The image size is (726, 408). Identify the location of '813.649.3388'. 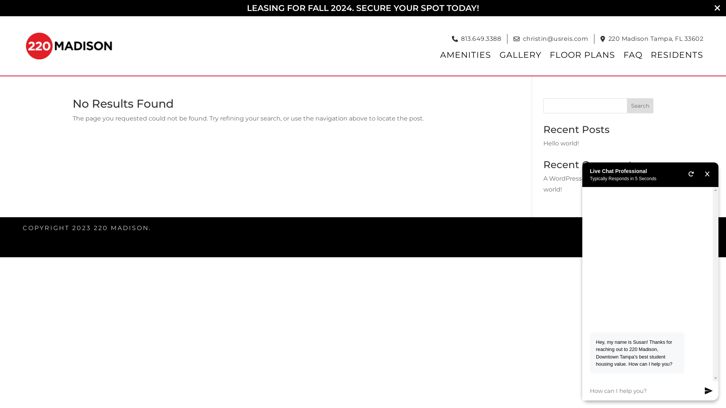
(481, 39).